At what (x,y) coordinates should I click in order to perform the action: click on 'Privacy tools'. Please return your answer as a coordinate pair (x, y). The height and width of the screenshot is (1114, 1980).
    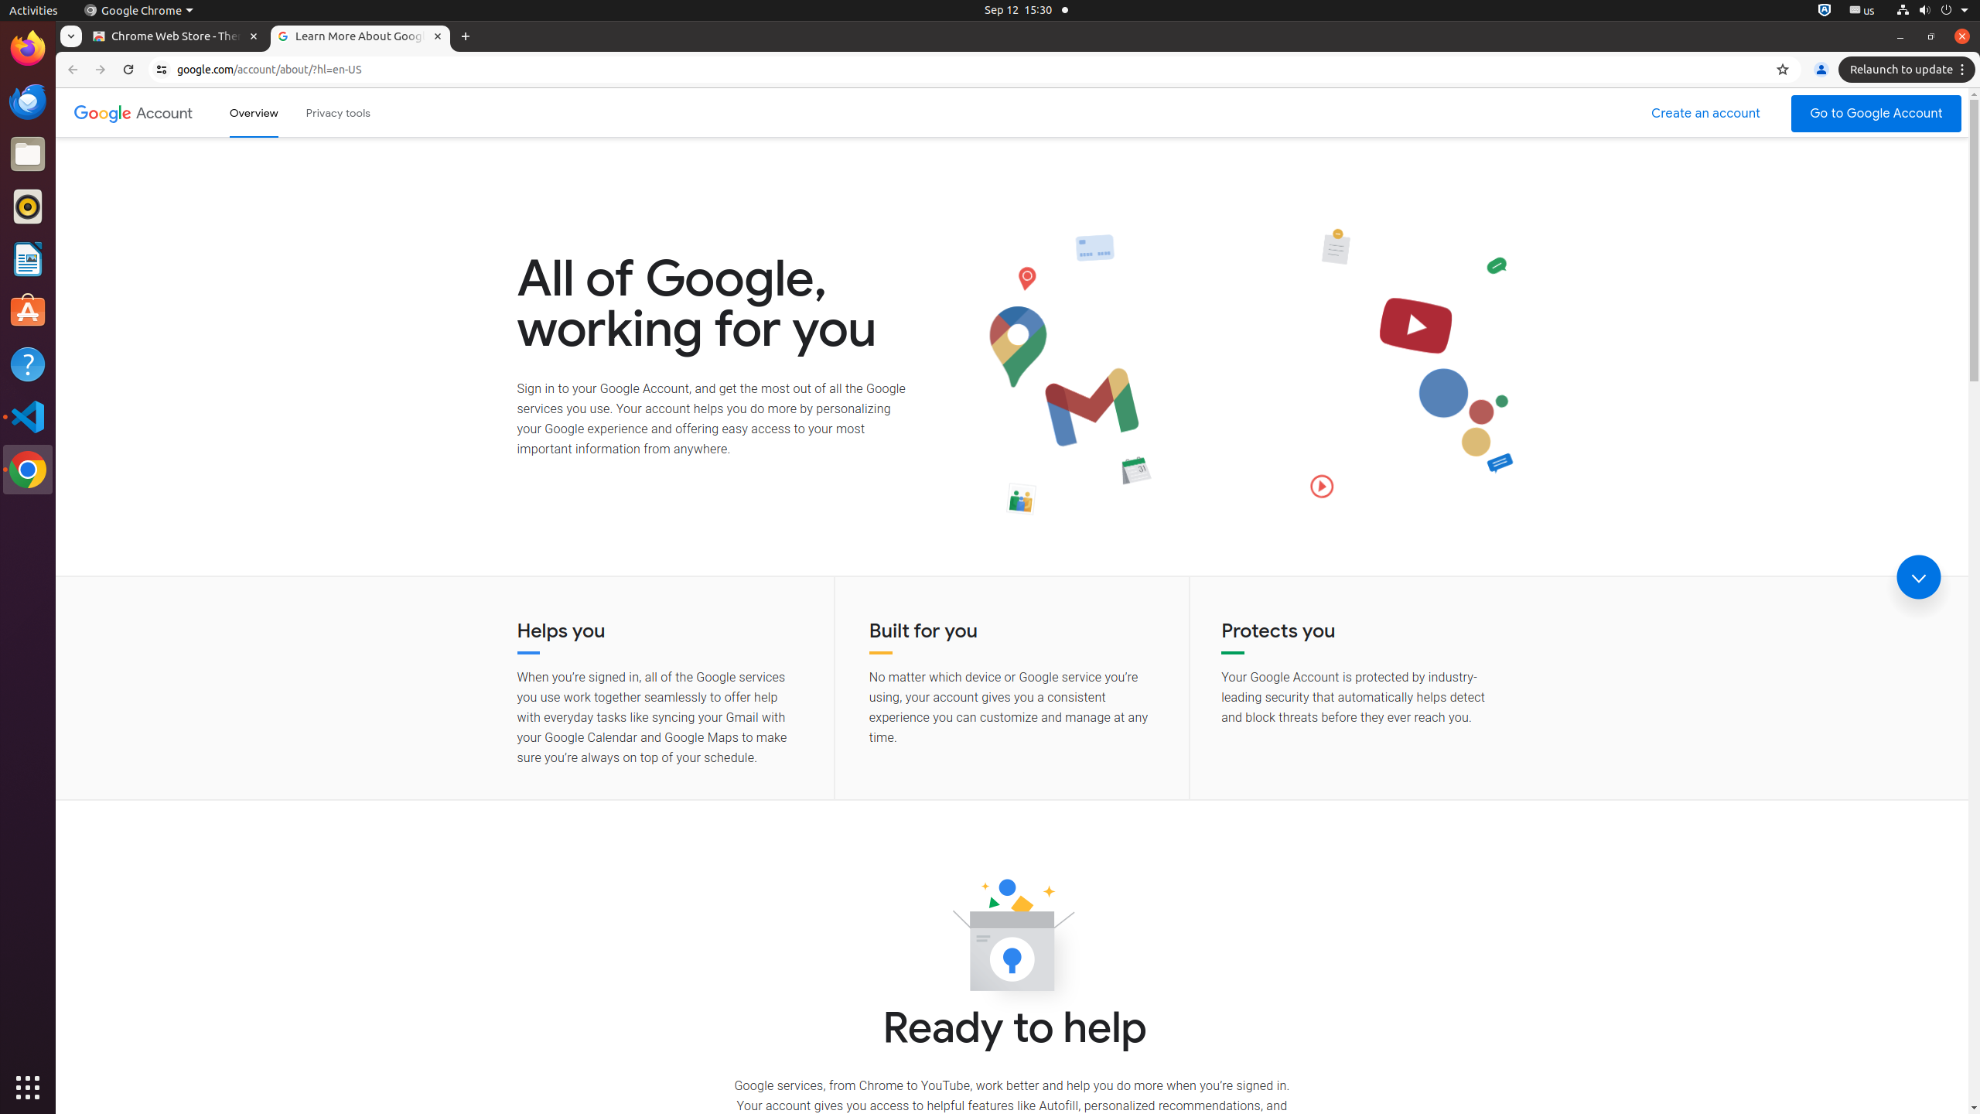
    Looking at the image, I should click on (337, 112).